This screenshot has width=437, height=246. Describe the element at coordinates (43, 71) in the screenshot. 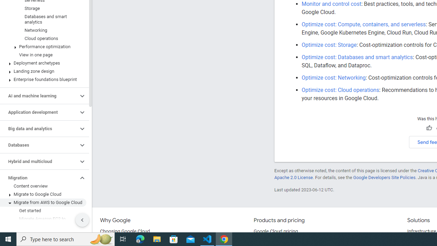

I see `'Landing zone design'` at that location.